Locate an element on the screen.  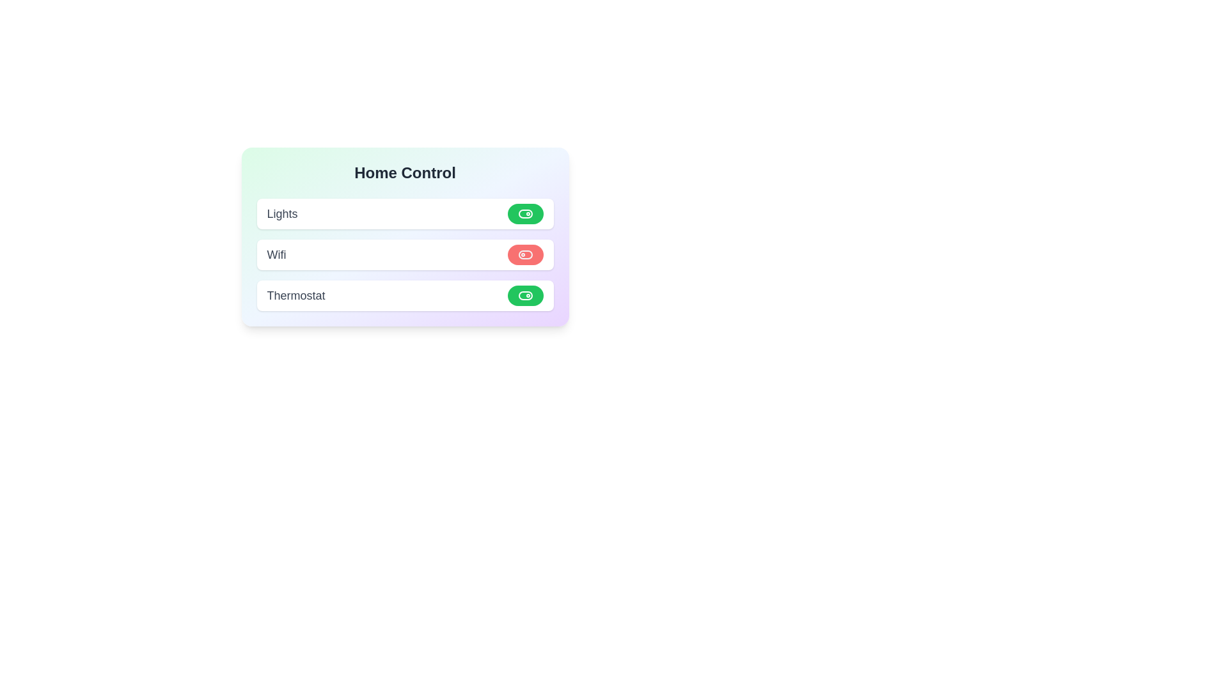
the 'Lights' card with toggle button is located at coordinates (404, 213).